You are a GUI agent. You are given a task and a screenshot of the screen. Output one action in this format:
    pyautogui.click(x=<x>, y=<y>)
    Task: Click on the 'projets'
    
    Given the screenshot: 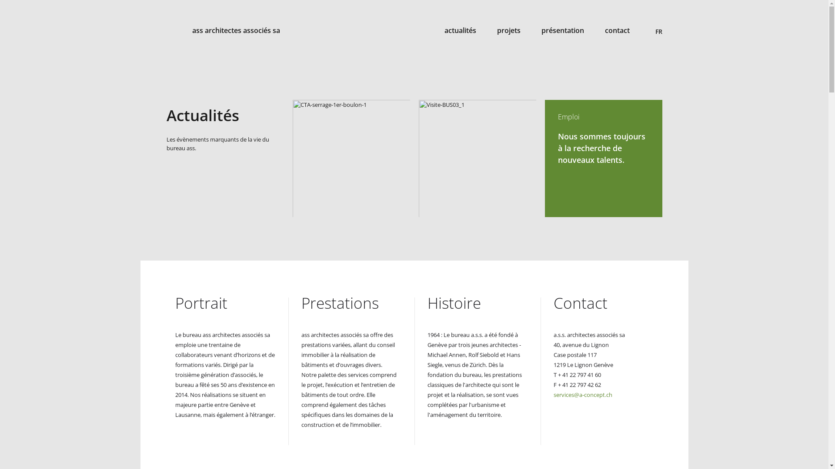 What is the action you would take?
    pyautogui.click(x=508, y=30)
    